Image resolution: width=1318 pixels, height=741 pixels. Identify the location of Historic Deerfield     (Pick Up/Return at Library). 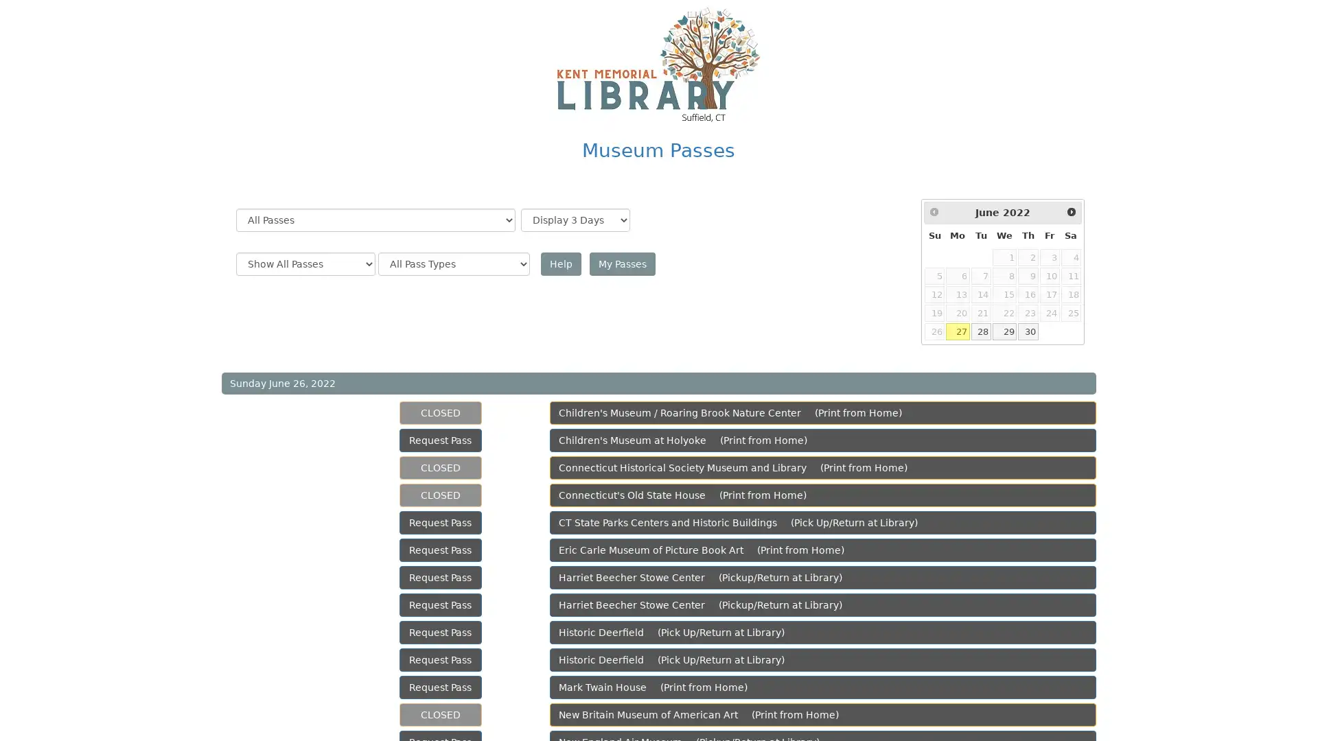
(822, 659).